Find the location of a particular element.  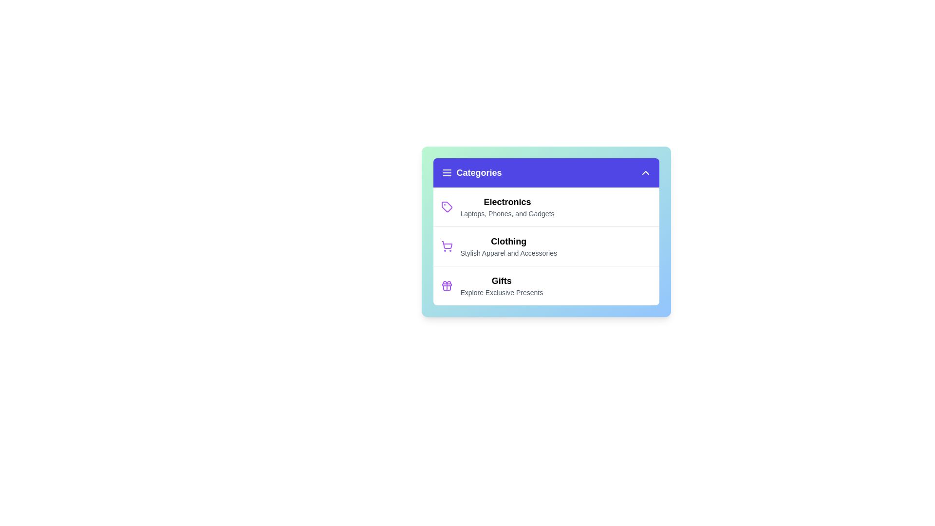

the 'Electronics' category entry in the menu is located at coordinates (506, 202).